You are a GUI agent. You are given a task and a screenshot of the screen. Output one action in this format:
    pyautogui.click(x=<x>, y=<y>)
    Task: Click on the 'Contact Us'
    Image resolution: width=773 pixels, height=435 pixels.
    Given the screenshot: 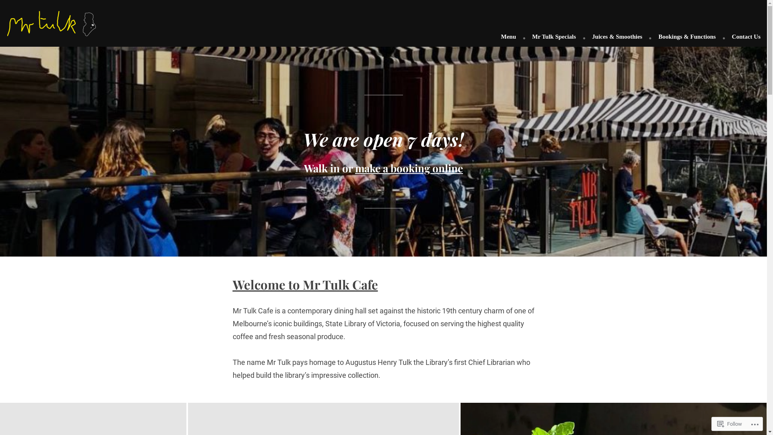 What is the action you would take?
    pyautogui.click(x=742, y=37)
    